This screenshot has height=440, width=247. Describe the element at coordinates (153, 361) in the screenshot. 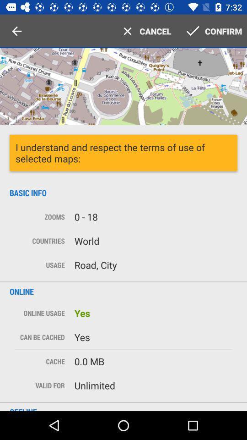

I see `the text which is to the immediate right of cache` at that location.